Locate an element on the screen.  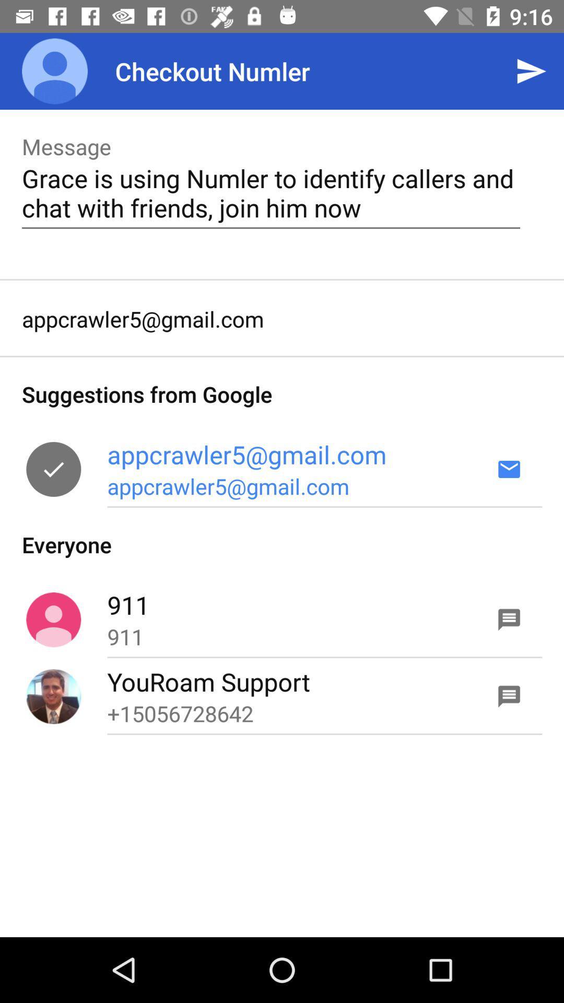
the grace is using item is located at coordinates (271, 193).